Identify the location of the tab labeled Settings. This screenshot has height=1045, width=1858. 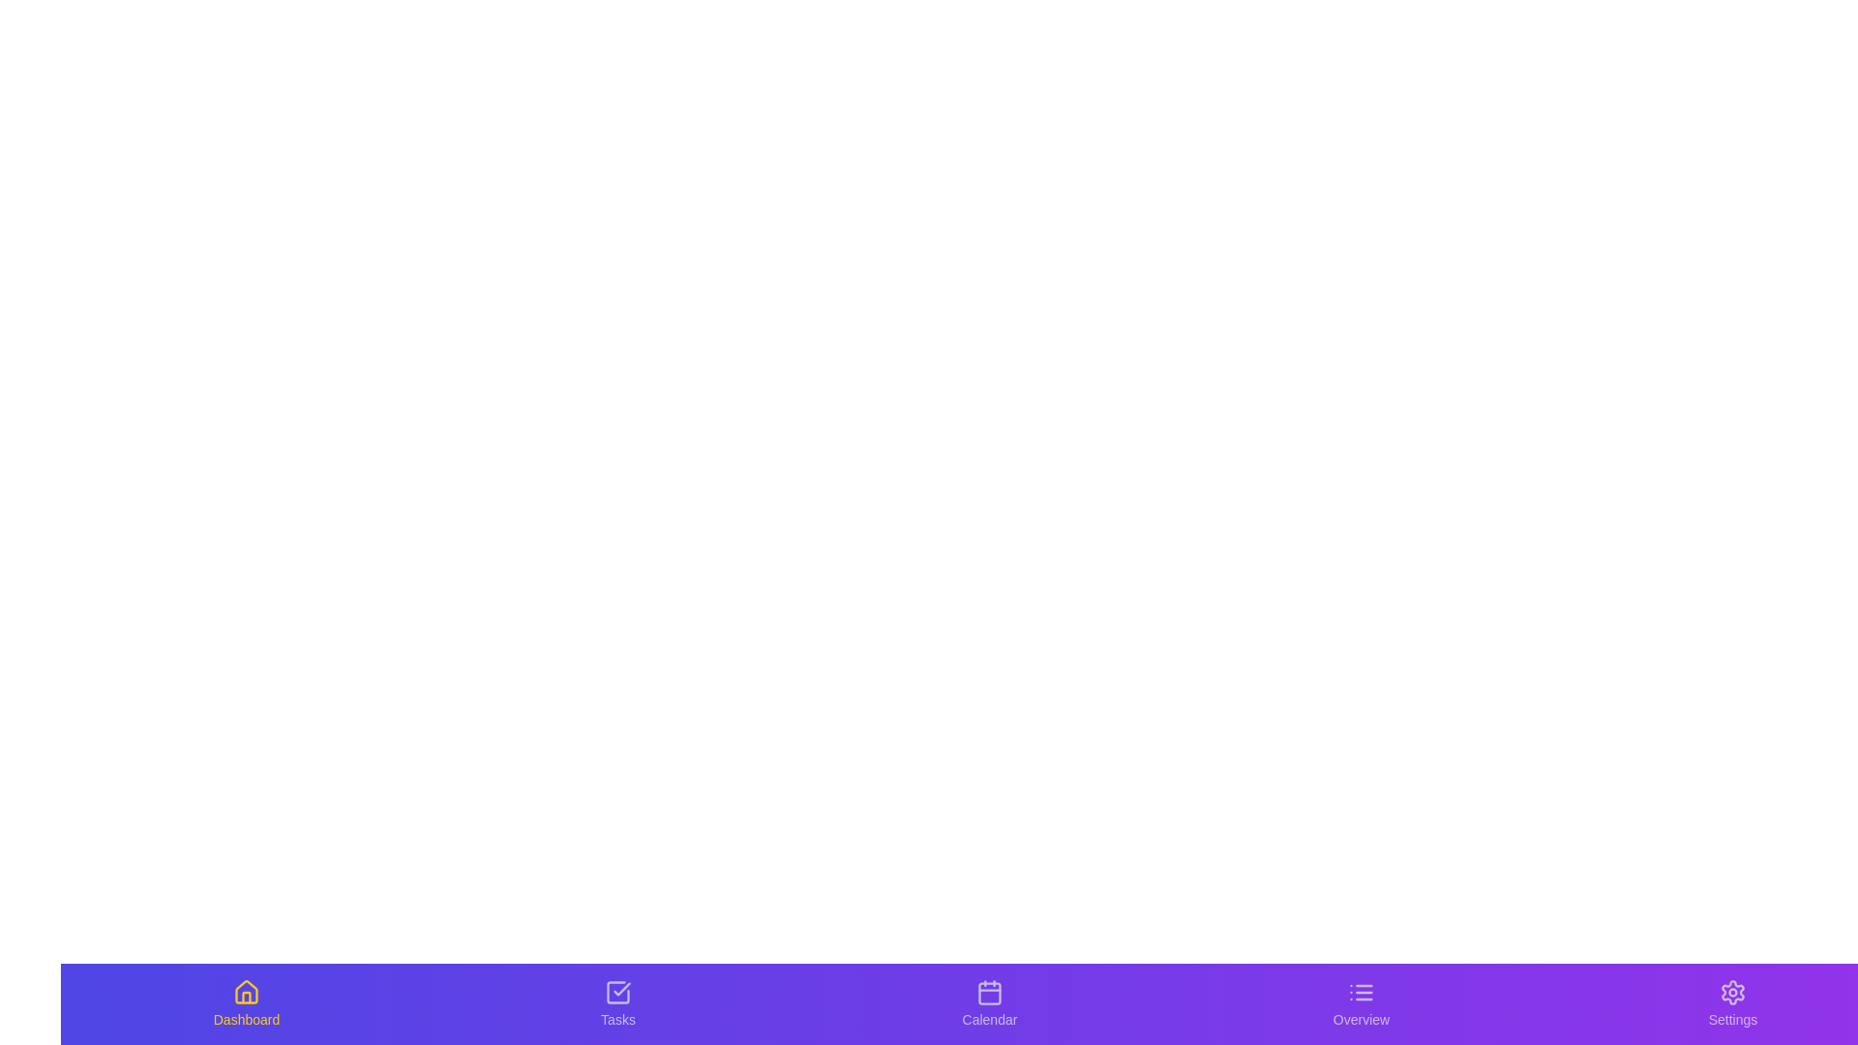
(1732, 1002).